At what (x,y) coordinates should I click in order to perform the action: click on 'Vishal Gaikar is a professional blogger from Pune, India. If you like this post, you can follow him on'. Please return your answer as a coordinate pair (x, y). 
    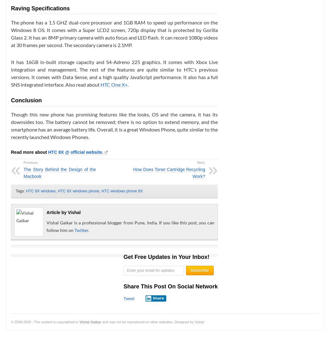
    Looking at the image, I should click on (46, 226).